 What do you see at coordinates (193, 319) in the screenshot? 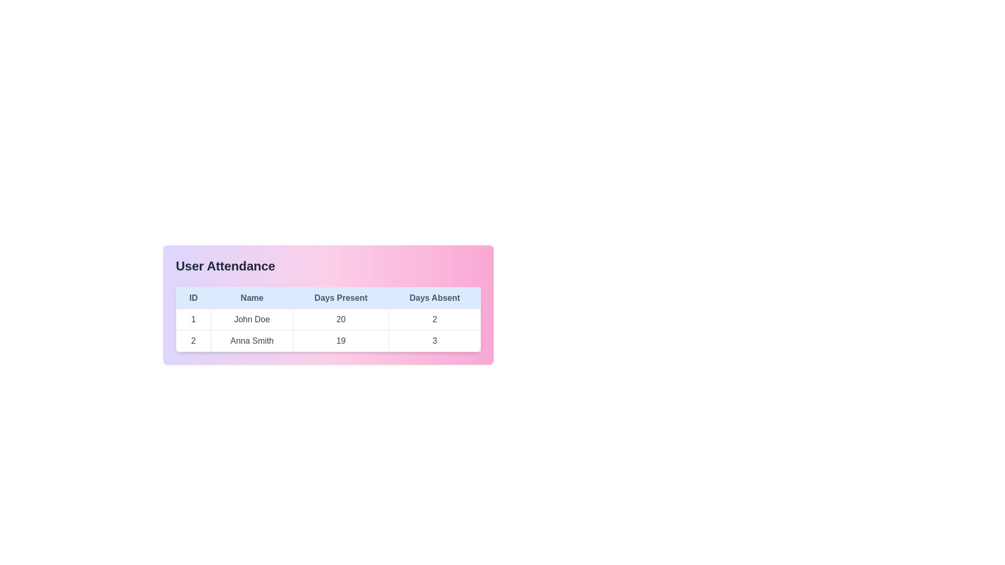
I see `the first table cell in the first data row under the 'ID' column to identify the associated table row` at bounding box center [193, 319].